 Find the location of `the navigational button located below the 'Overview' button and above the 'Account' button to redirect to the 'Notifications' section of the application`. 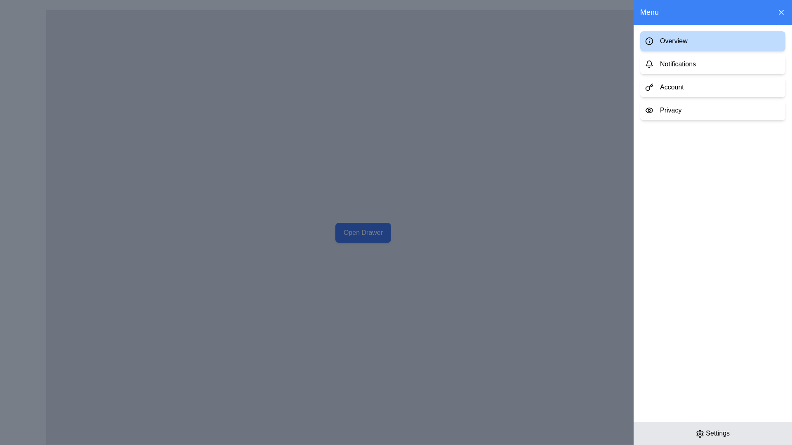

the navigational button located below the 'Overview' button and above the 'Account' button to redirect to the 'Notifications' section of the application is located at coordinates (712, 63).